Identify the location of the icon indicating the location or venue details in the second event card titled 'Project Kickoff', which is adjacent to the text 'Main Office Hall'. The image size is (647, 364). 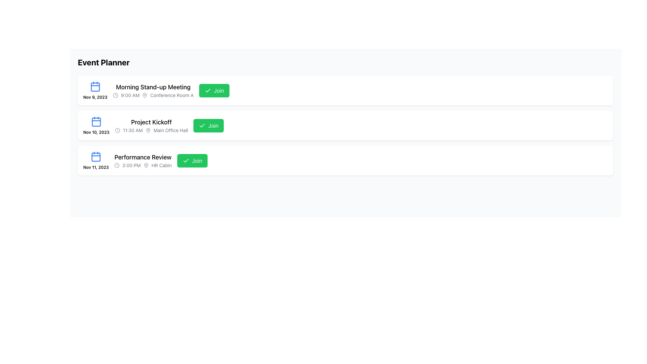
(148, 130).